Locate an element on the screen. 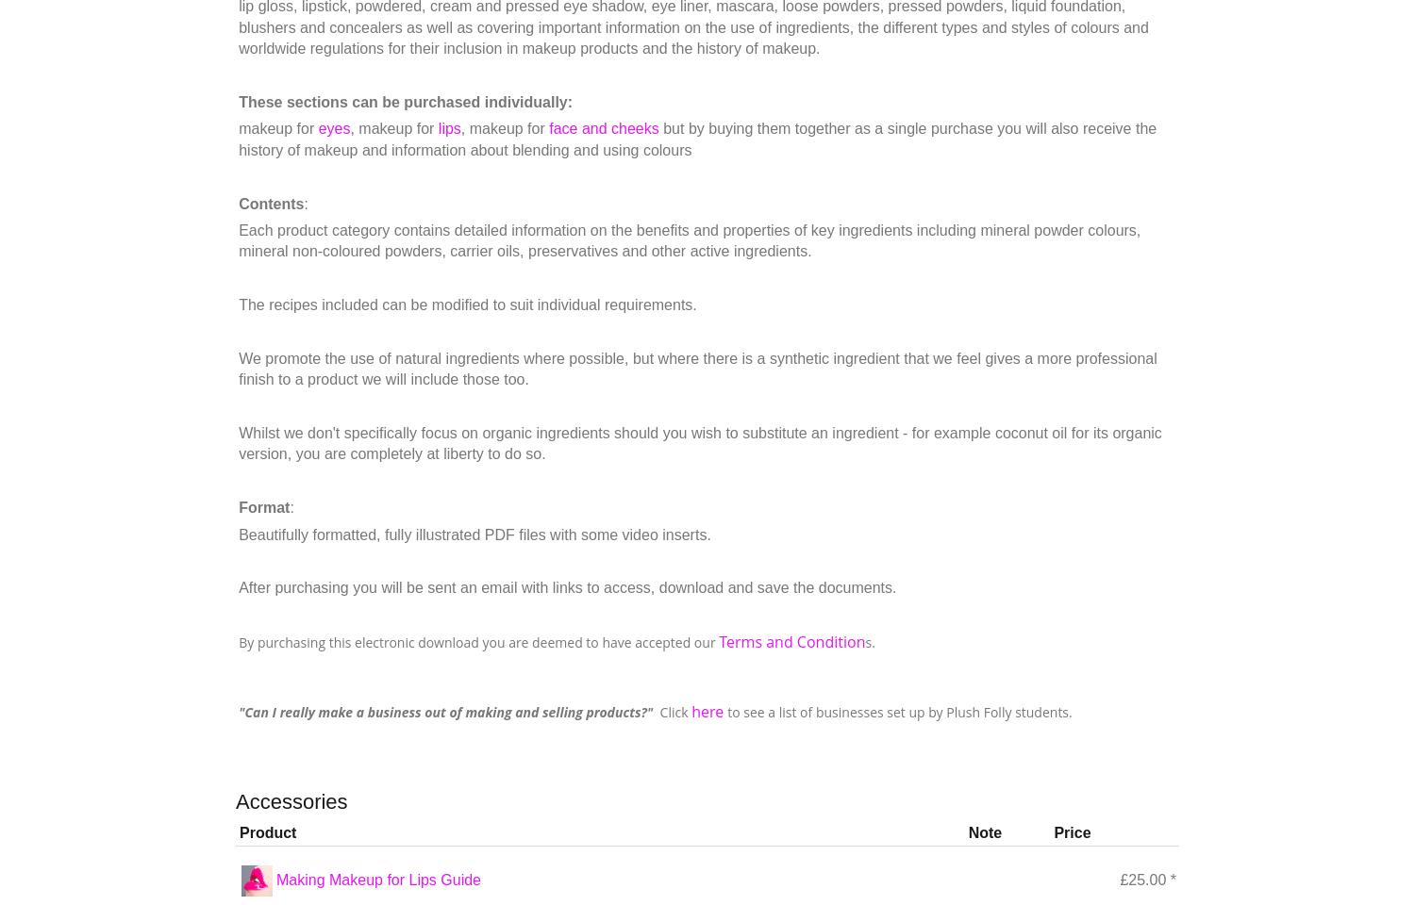 The image size is (1415, 905). 'makeup for' is located at coordinates (278, 127).